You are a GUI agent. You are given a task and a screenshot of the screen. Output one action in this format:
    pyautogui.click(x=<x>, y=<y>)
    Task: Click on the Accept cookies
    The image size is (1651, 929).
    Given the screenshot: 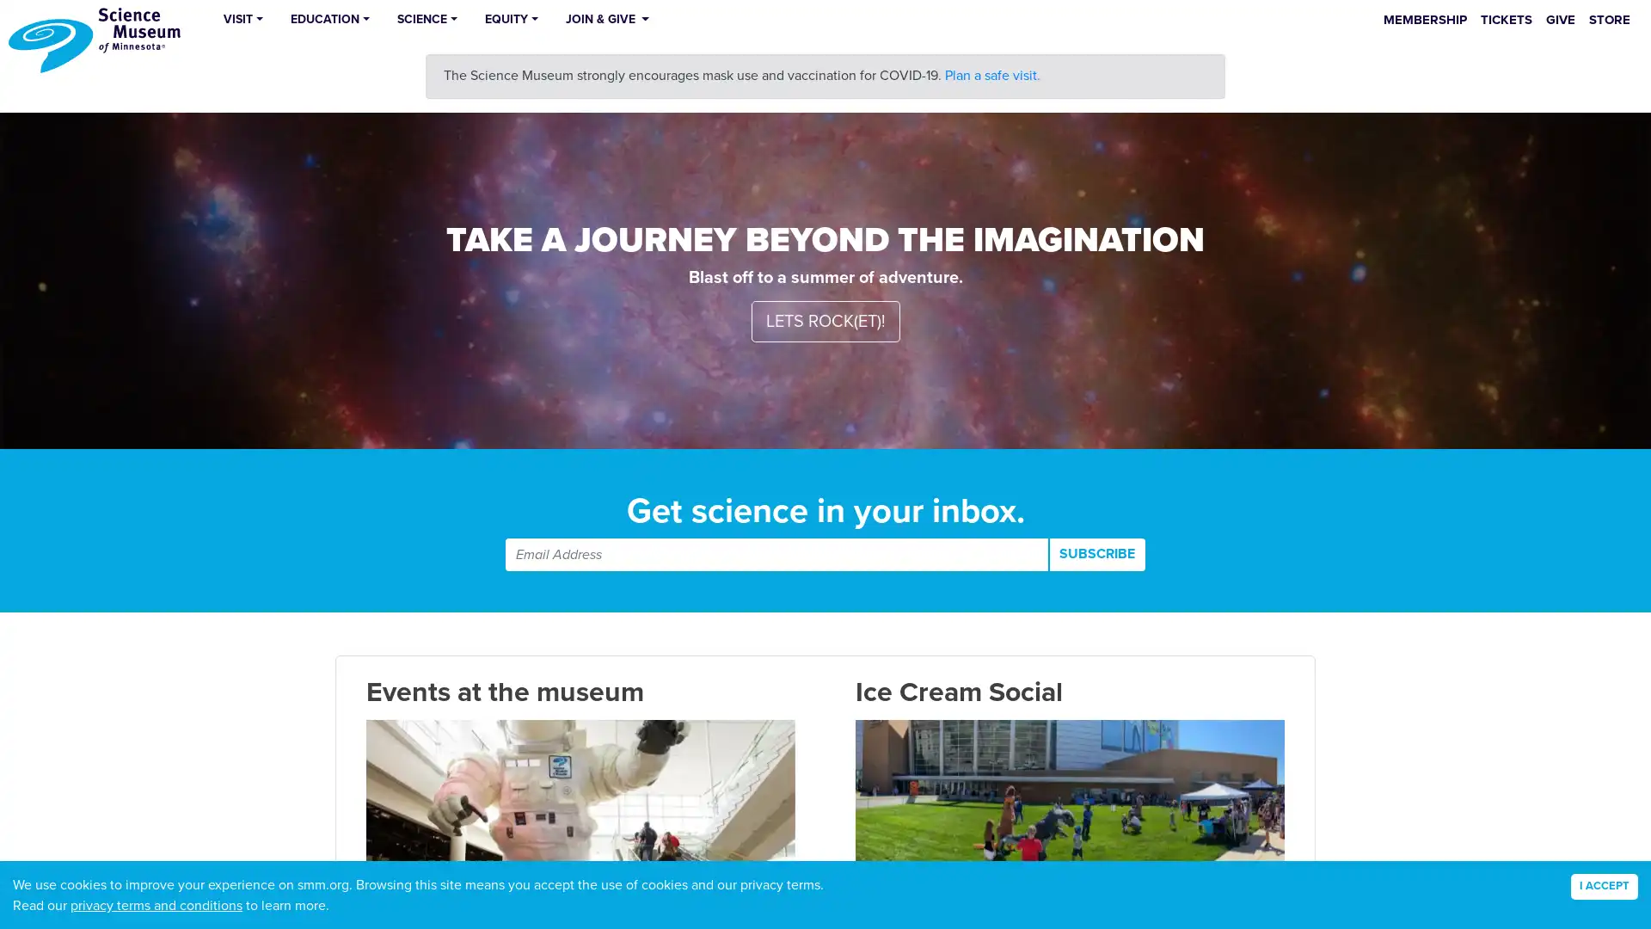 What is the action you would take?
    pyautogui.click(x=1604, y=886)
    